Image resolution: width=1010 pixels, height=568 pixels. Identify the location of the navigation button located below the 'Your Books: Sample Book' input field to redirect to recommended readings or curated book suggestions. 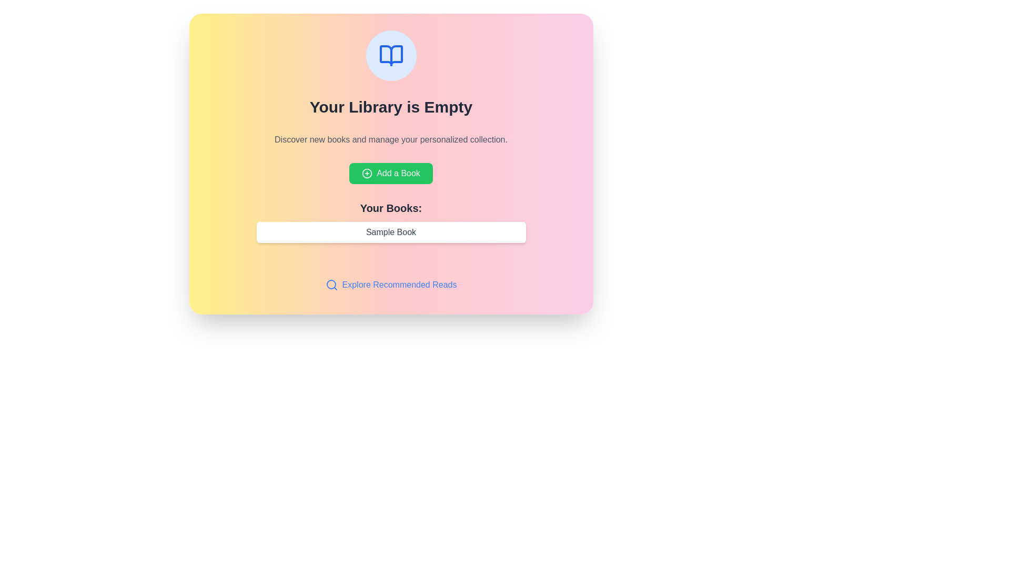
(390, 285).